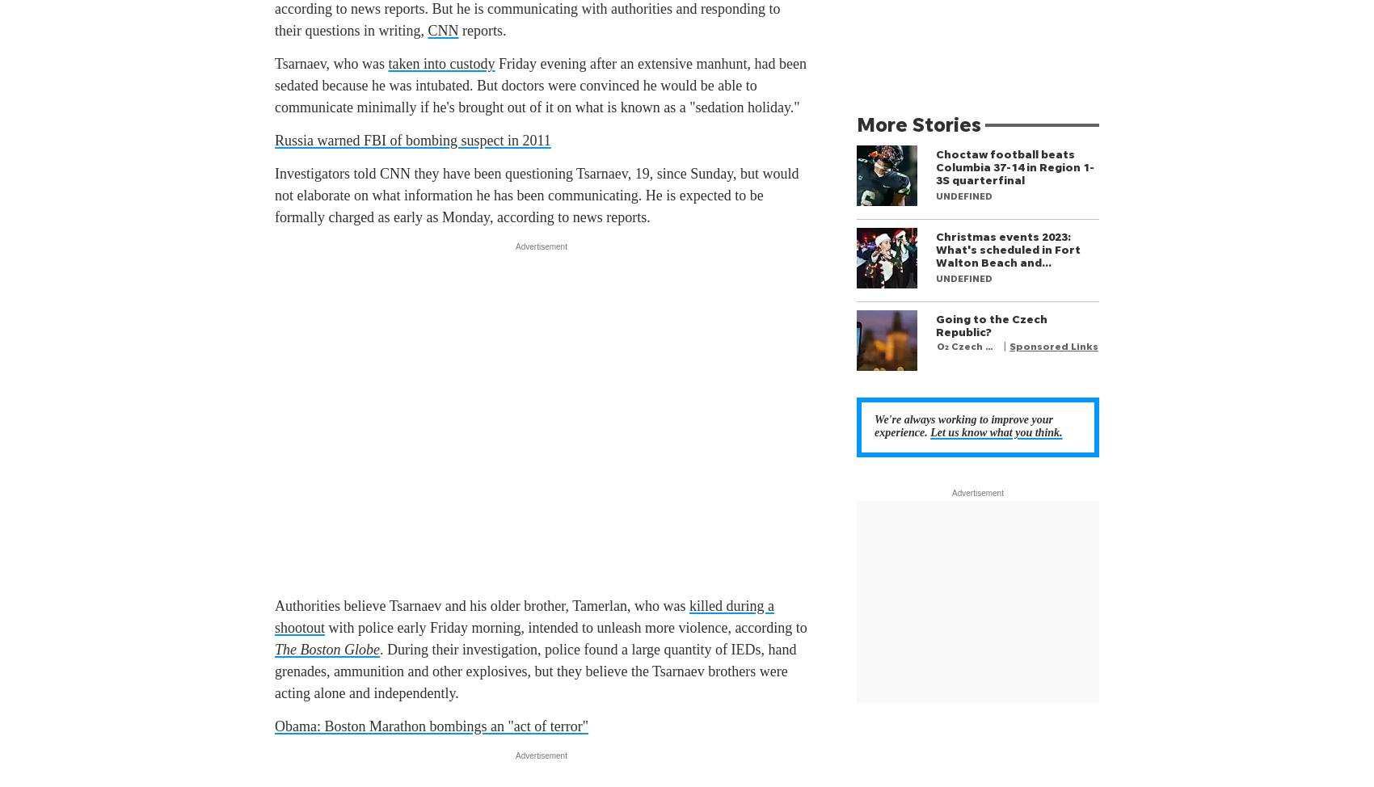 Image resolution: width=1374 pixels, height=787 pixels. Describe the element at coordinates (430, 726) in the screenshot. I see `'Obama: Boston Marathon bombings an "act of terror"'` at that location.